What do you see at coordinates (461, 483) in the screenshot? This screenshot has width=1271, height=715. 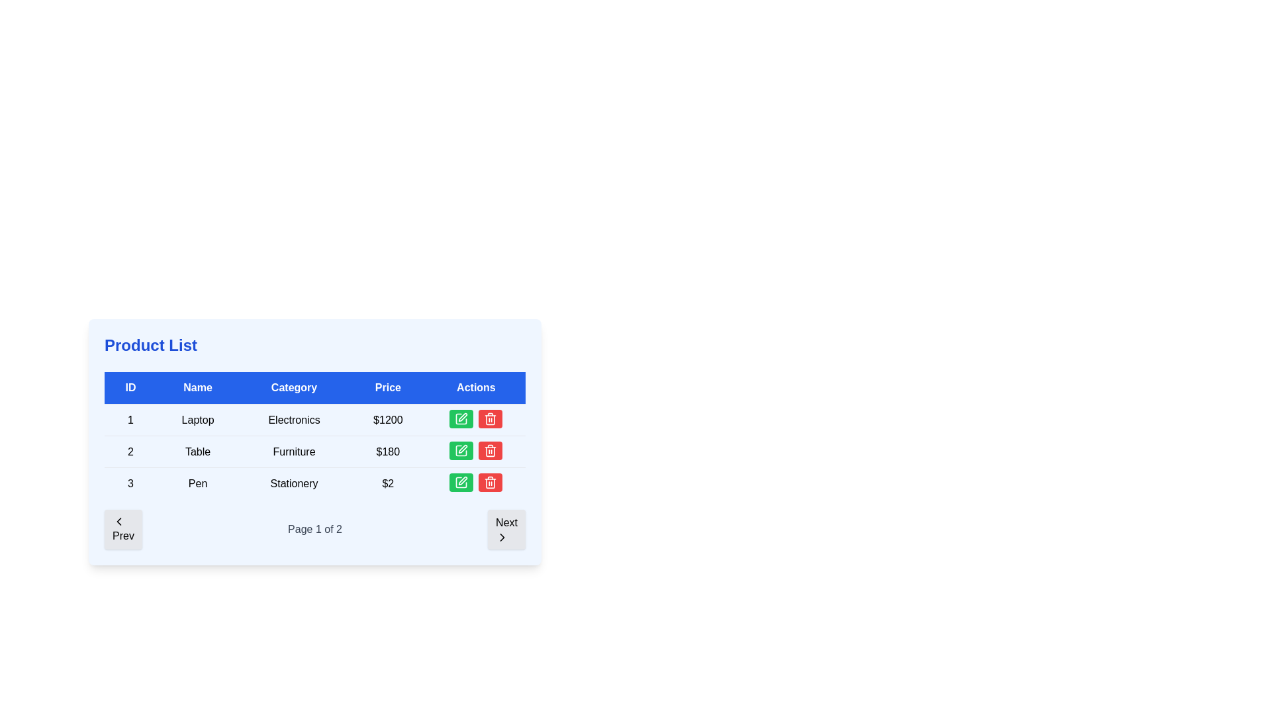 I see `the edit icon button in the 'Actions' column of the third row in the table corresponding to the 'Pen' entry` at bounding box center [461, 483].